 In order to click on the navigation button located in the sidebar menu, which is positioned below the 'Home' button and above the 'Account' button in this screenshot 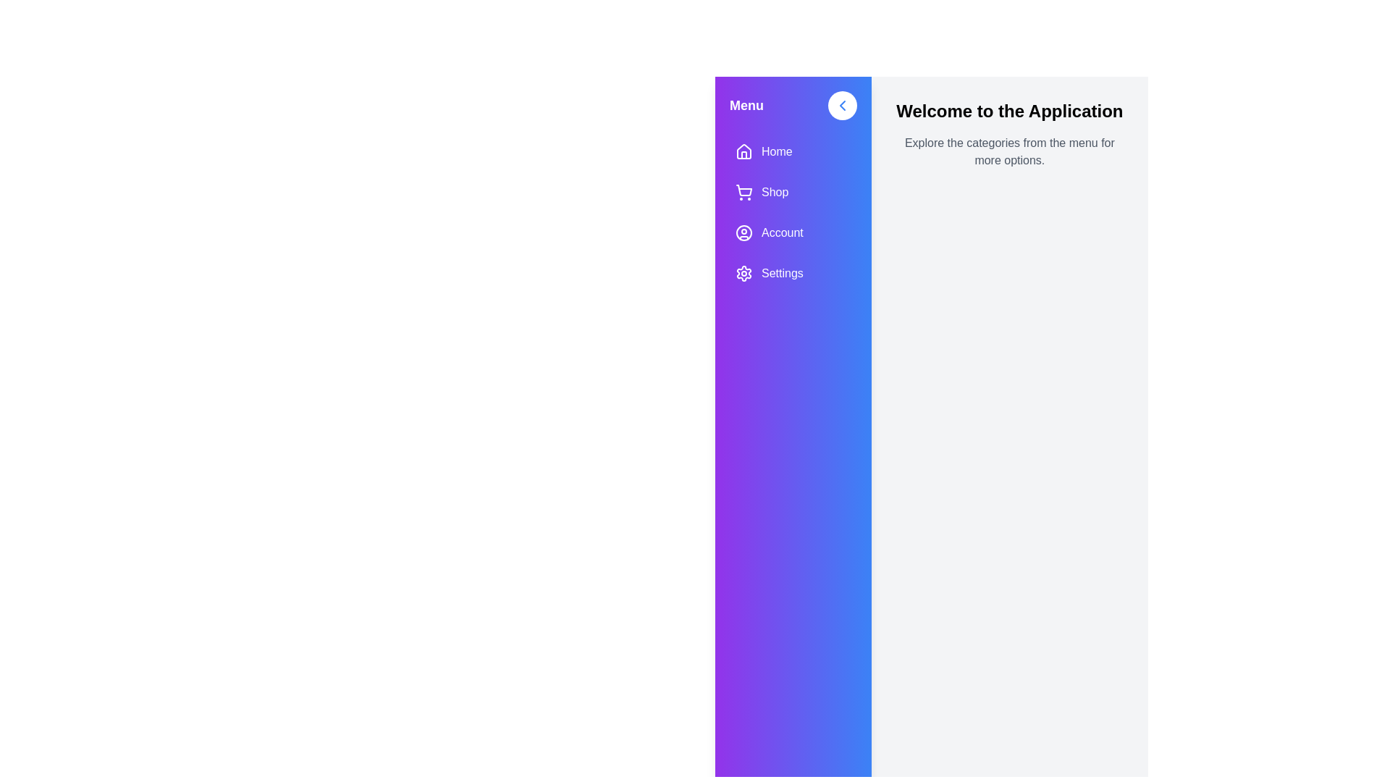, I will do `click(792, 192)`.